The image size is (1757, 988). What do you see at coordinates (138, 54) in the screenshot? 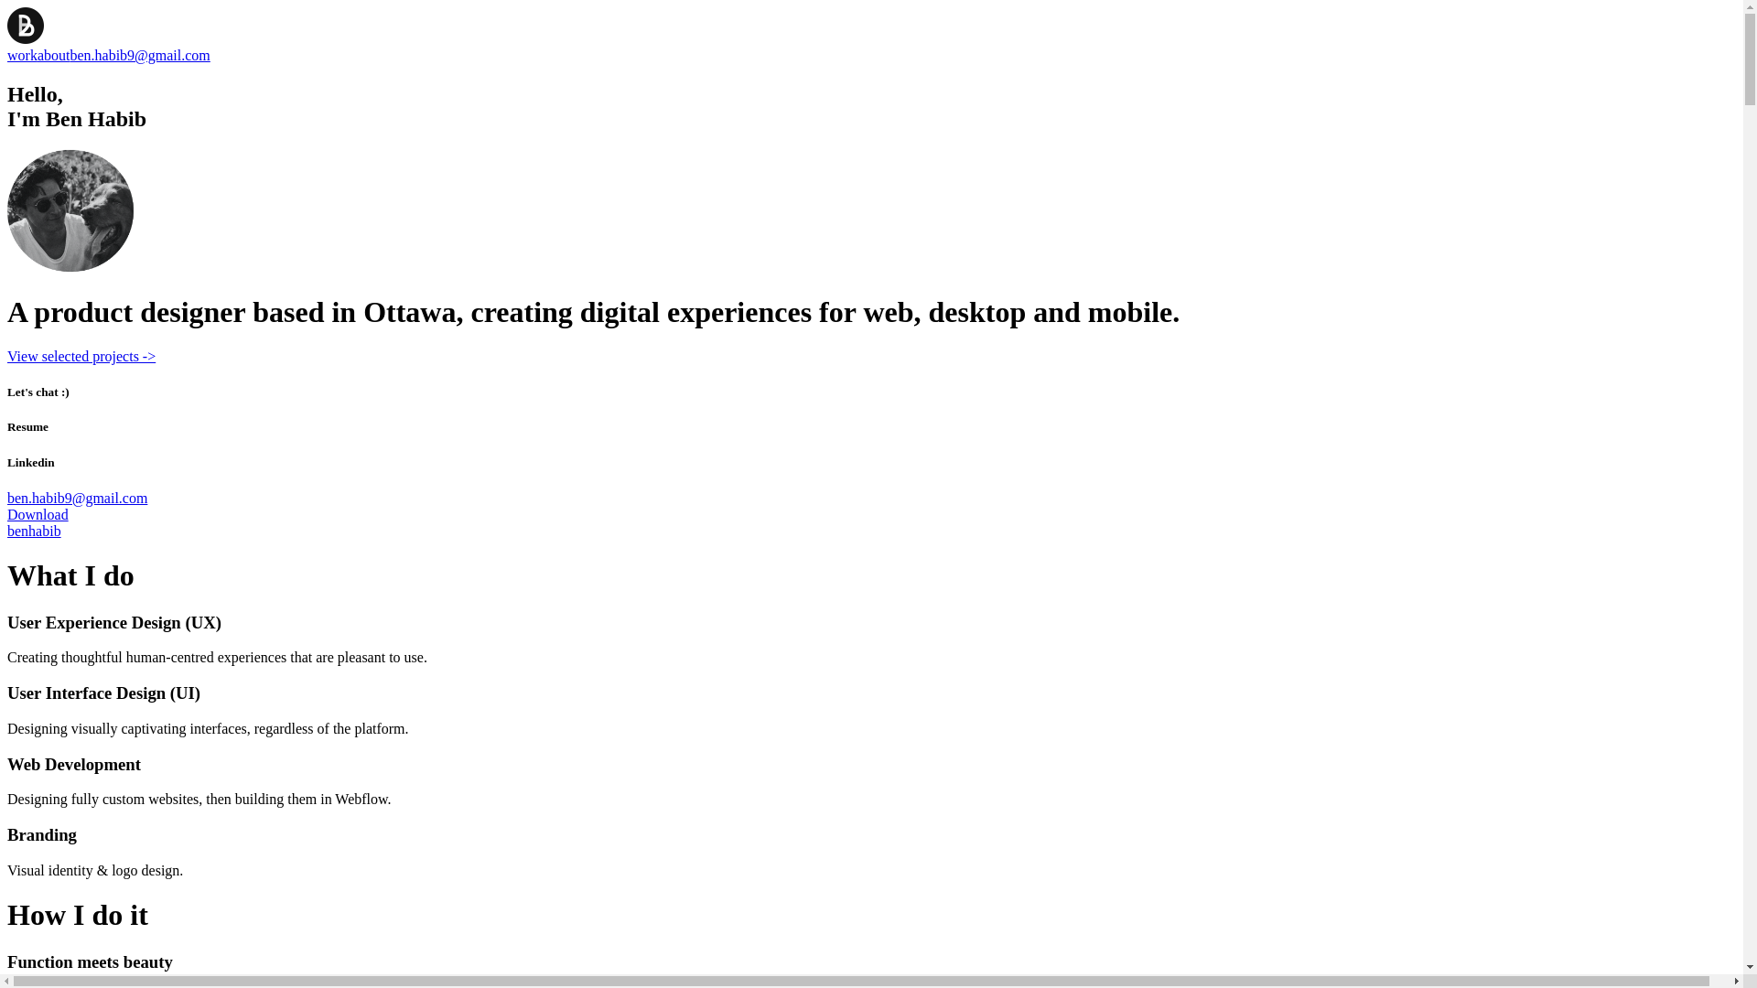
I see `'ben.habib9@gmail.com'` at bounding box center [138, 54].